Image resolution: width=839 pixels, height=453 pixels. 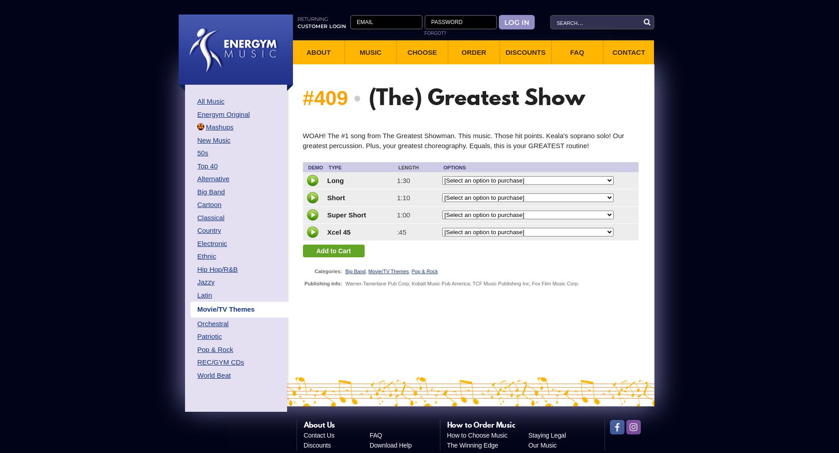 What do you see at coordinates (212, 243) in the screenshot?
I see `'Electronic'` at bounding box center [212, 243].